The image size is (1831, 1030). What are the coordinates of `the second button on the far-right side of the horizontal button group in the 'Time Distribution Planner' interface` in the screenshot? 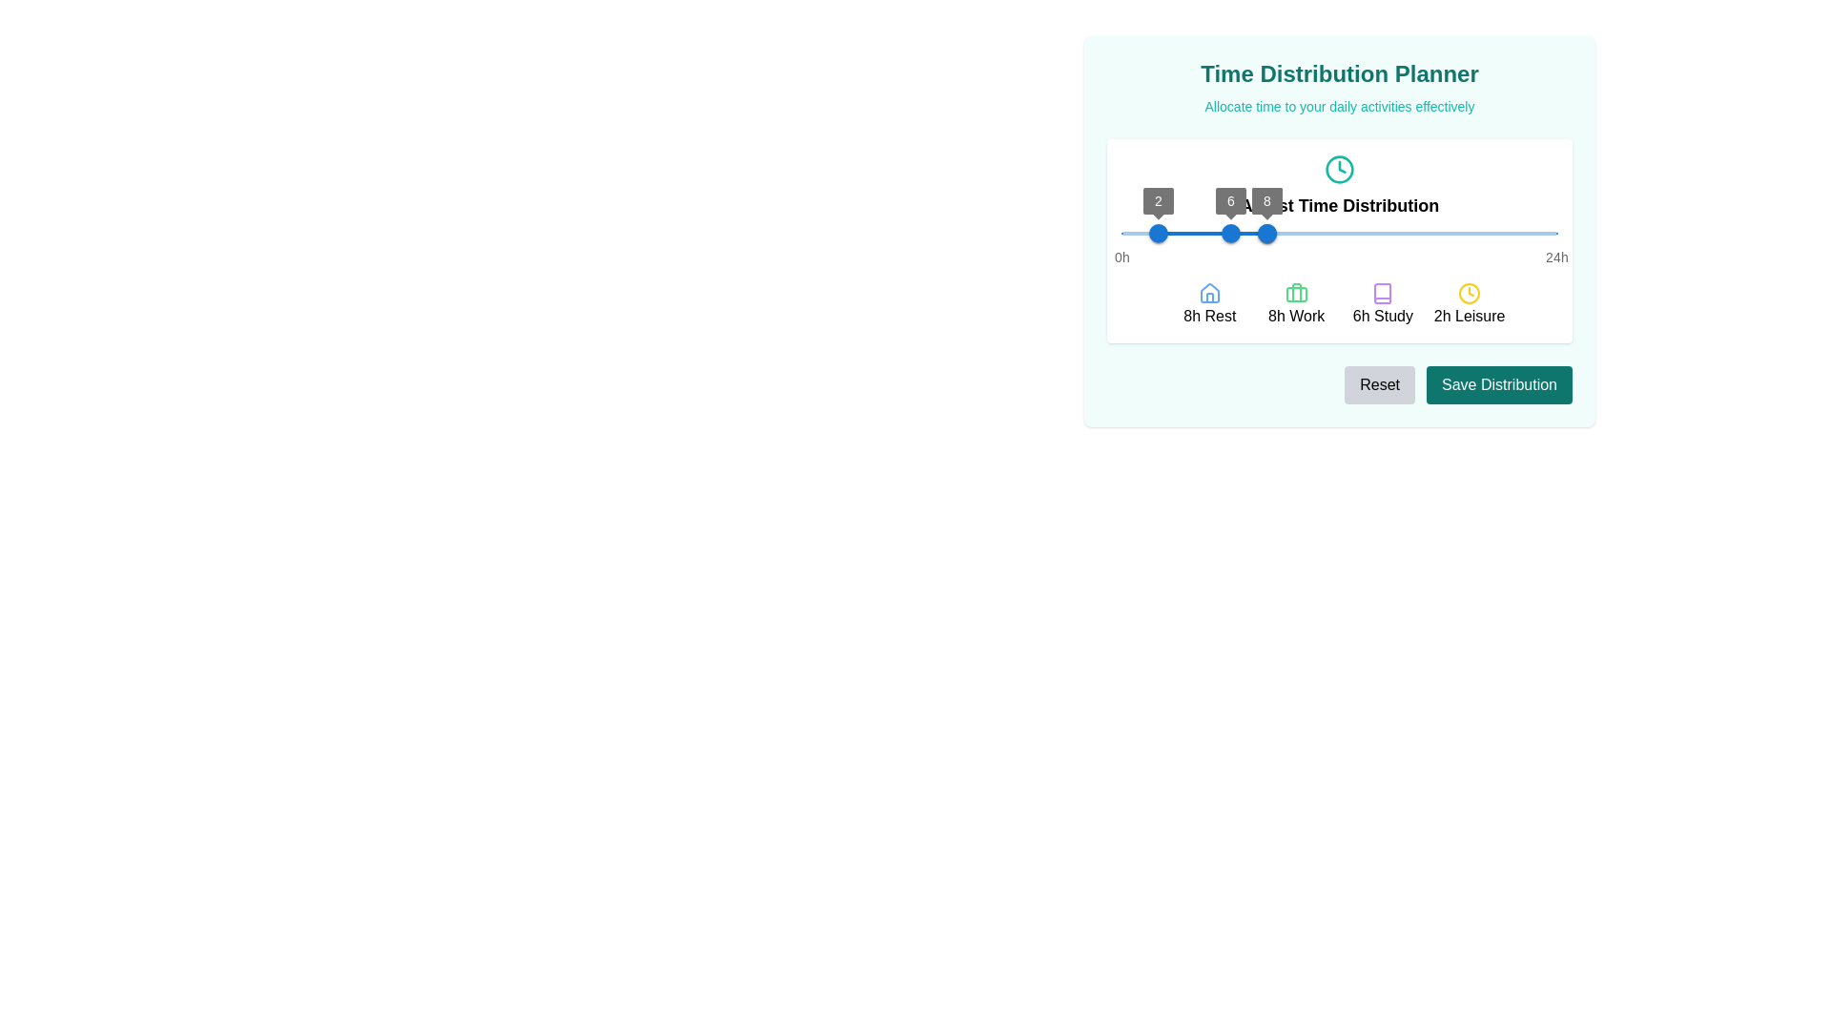 It's located at (1498, 385).